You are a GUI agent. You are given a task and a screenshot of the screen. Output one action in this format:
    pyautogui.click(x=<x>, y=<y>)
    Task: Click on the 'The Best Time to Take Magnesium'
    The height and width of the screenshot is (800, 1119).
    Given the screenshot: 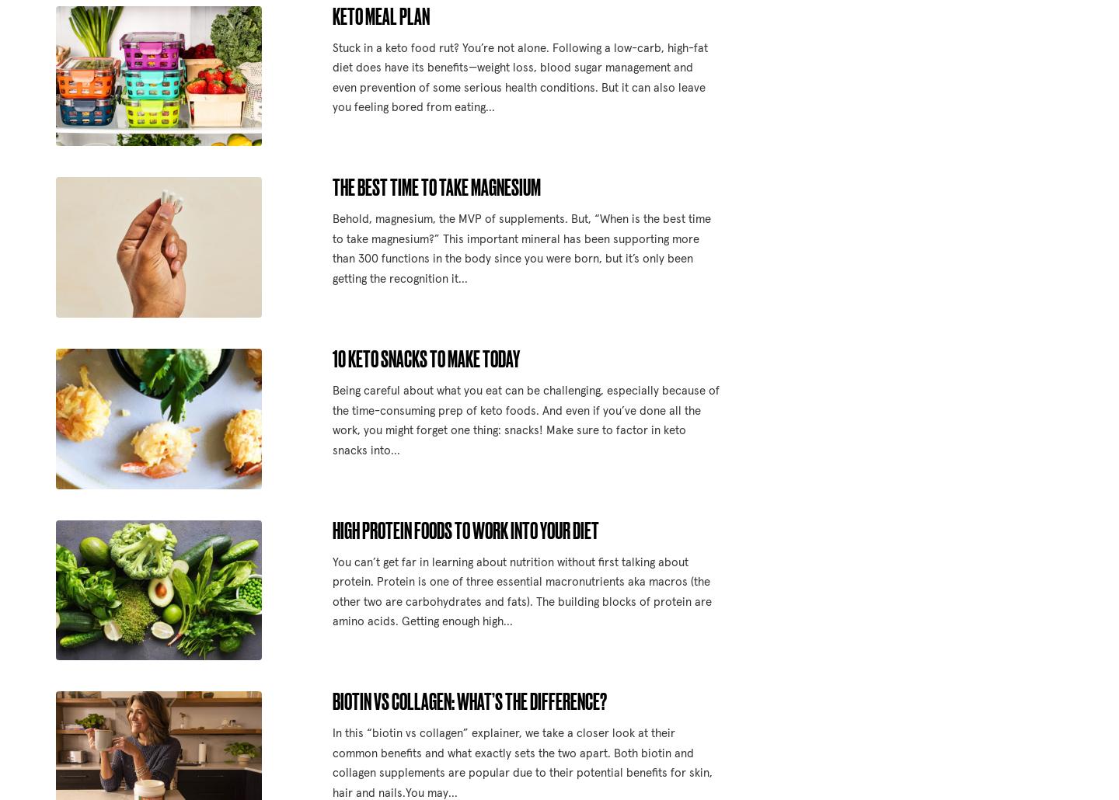 What is the action you would take?
    pyautogui.click(x=331, y=187)
    